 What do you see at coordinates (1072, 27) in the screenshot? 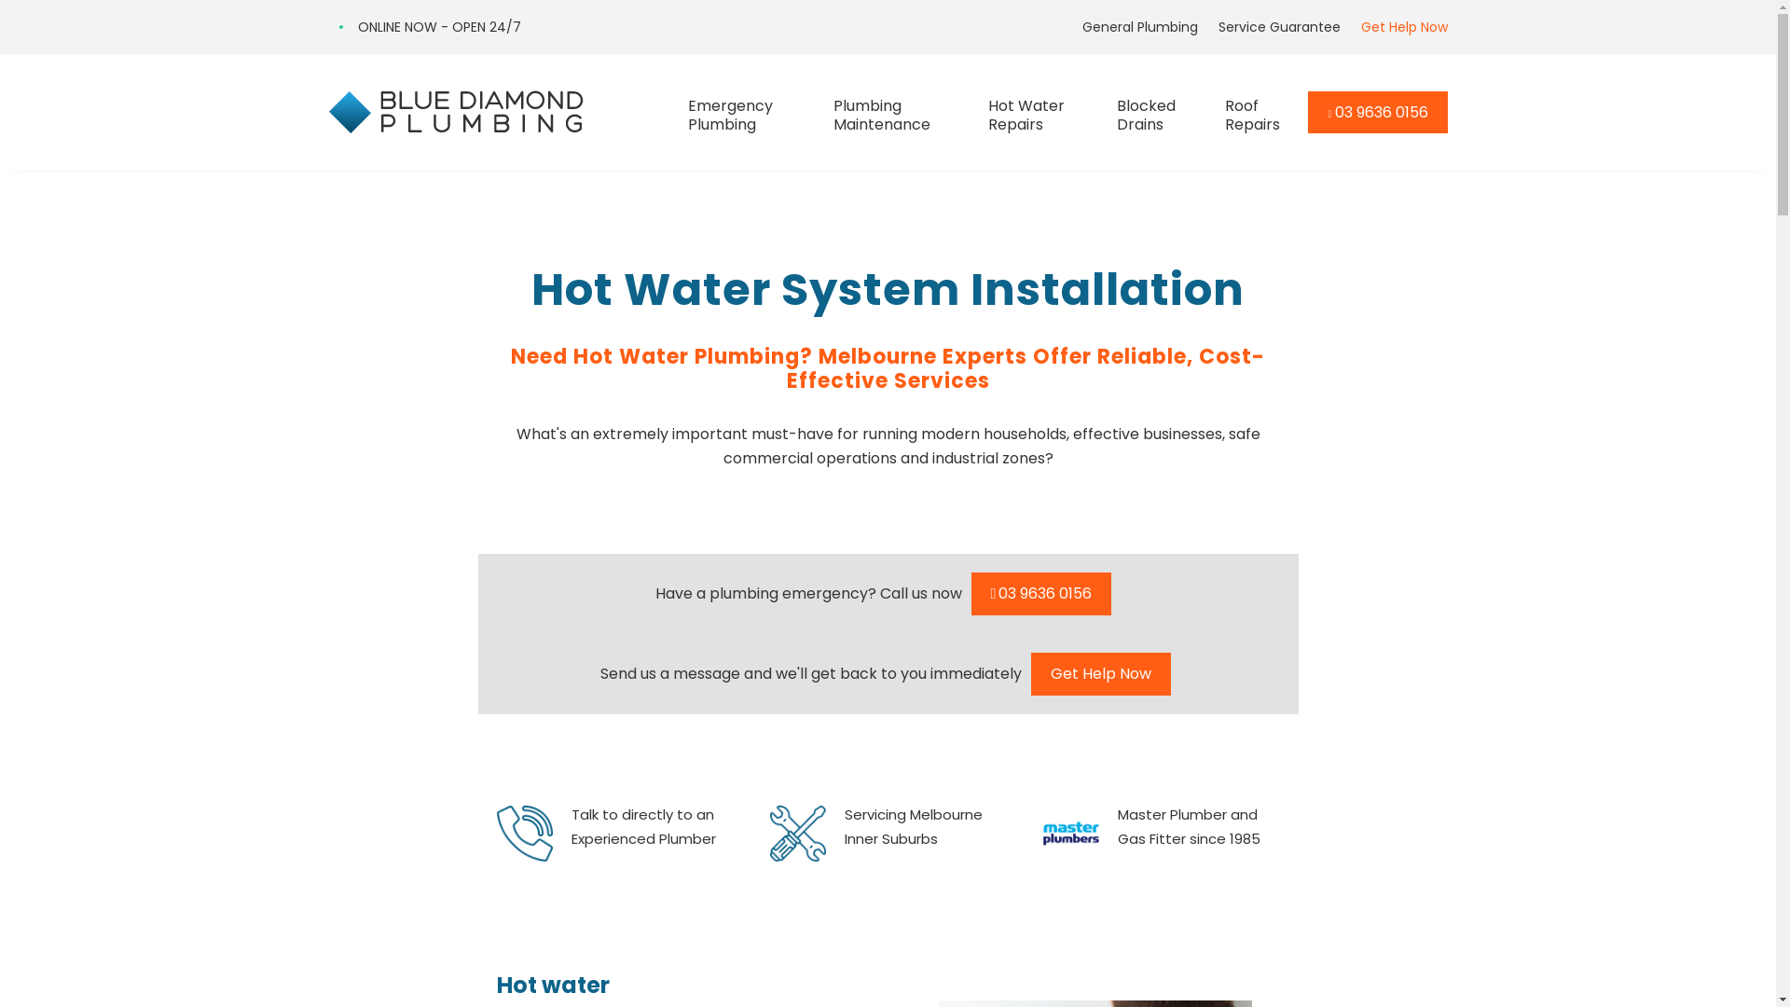
I see `'General Plumbing'` at bounding box center [1072, 27].